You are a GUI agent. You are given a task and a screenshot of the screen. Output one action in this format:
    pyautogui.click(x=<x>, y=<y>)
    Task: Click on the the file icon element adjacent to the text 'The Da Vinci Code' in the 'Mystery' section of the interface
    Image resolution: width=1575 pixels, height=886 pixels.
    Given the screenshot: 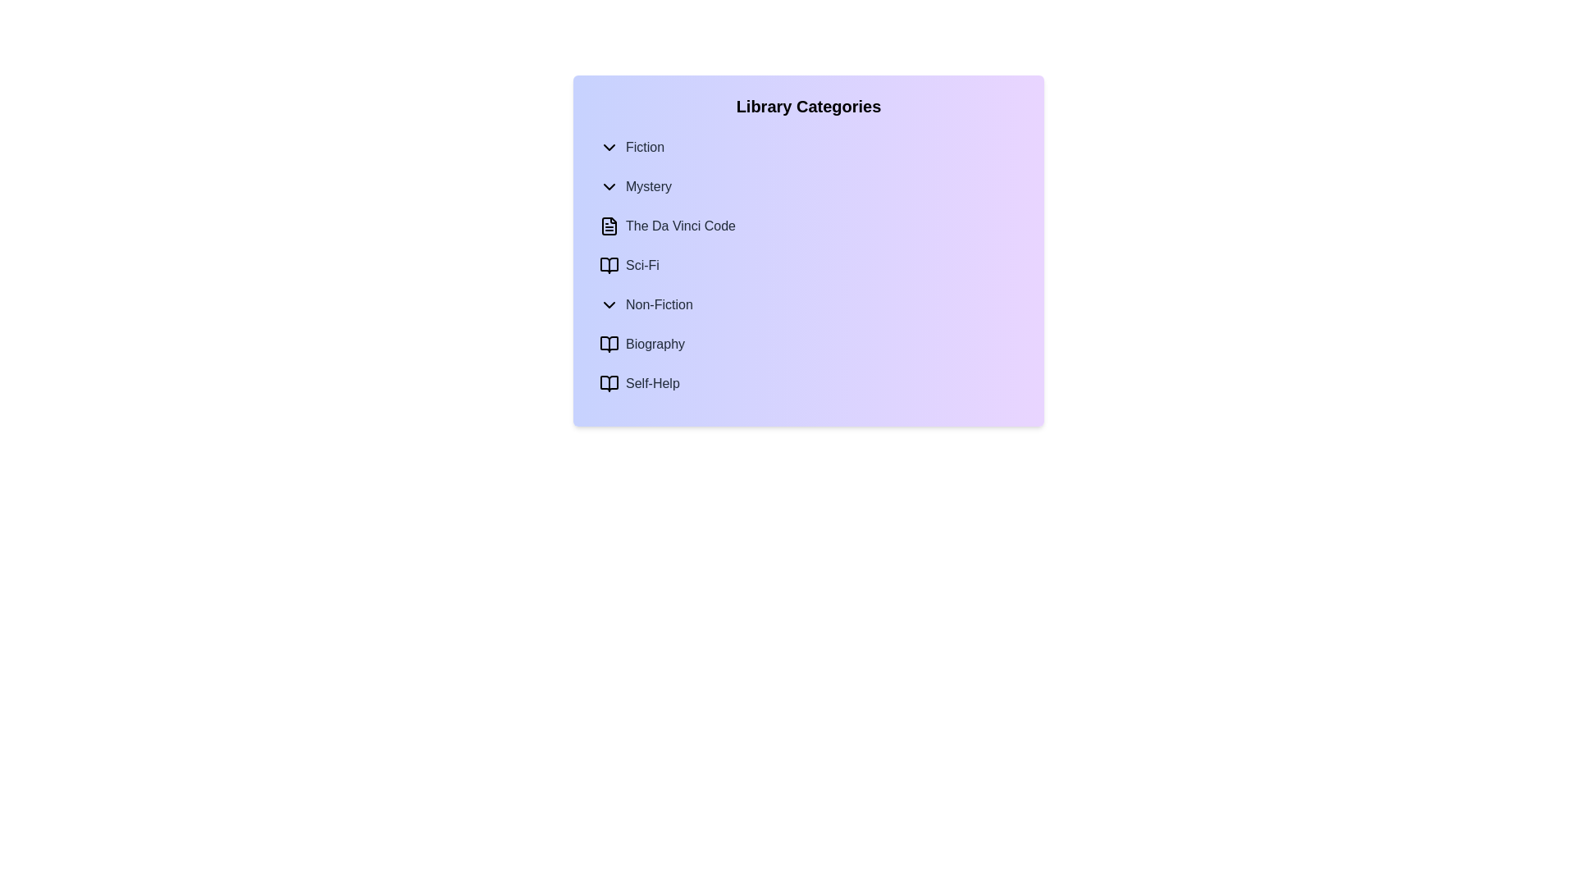 What is the action you would take?
    pyautogui.click(x=609, y=226)
    